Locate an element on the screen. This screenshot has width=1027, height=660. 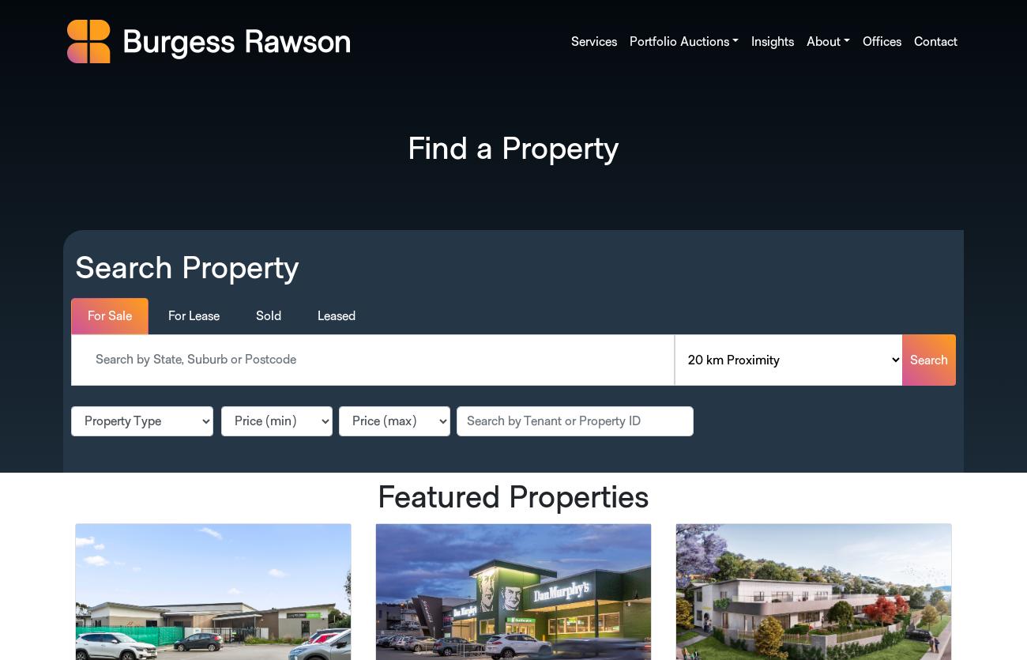
'Insights' is located at coordinates (770, 41).